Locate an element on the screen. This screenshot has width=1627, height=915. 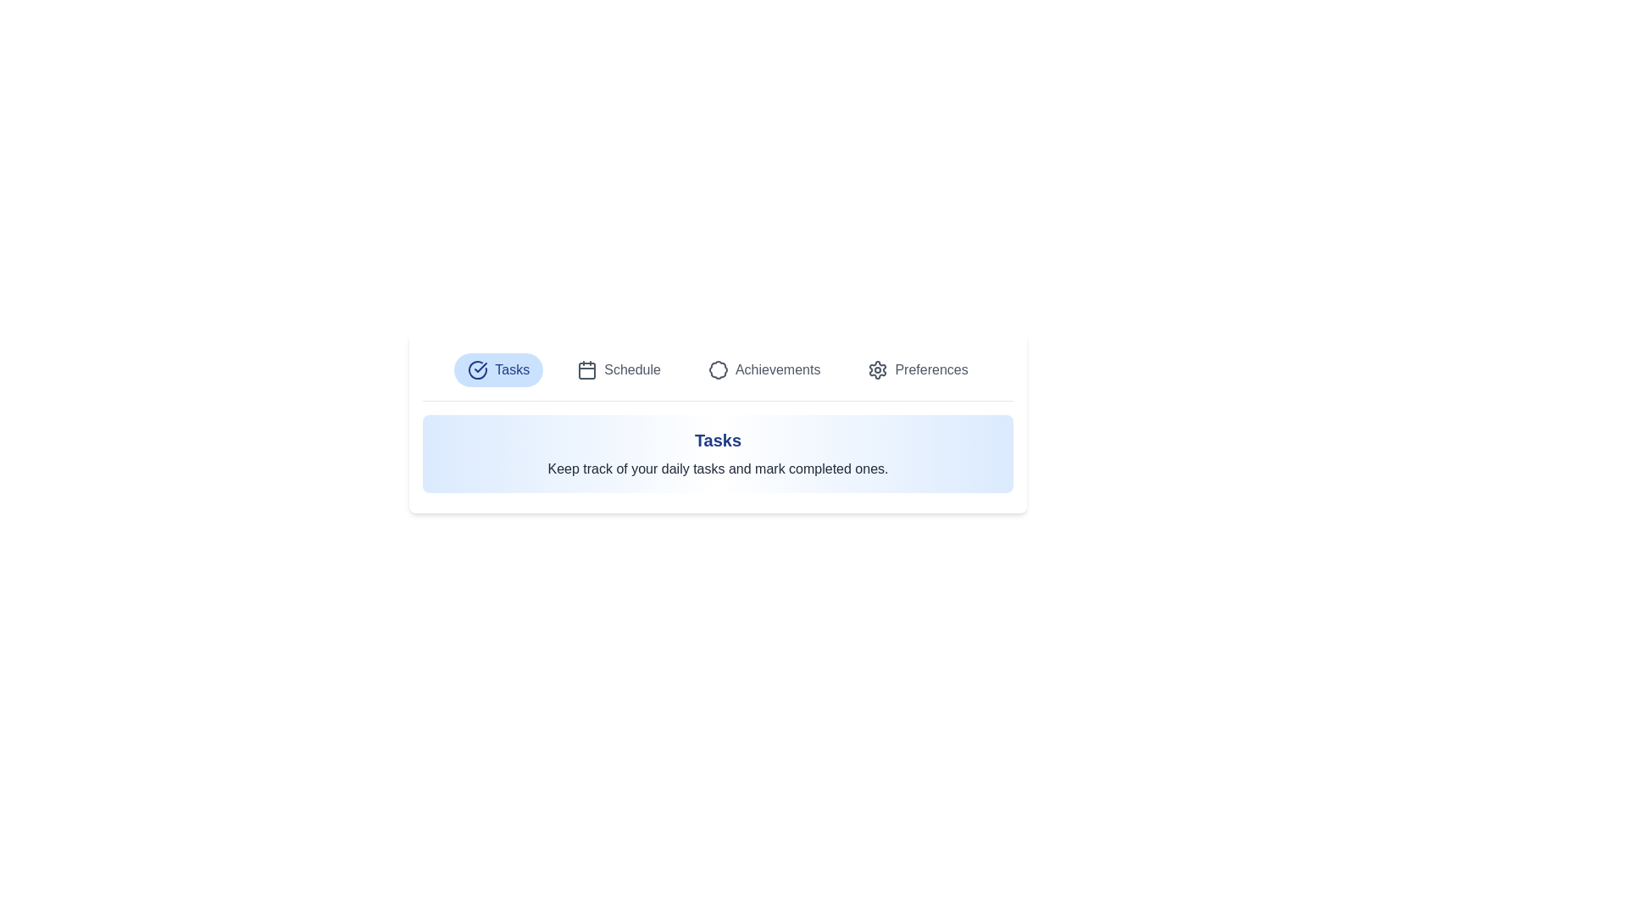
the 'Schedule' navigation link, which is the second item in the navigation row, positioned to the right of the 'Tasks' link and preceded by a calendar icon is located at coordinates (631, 369).